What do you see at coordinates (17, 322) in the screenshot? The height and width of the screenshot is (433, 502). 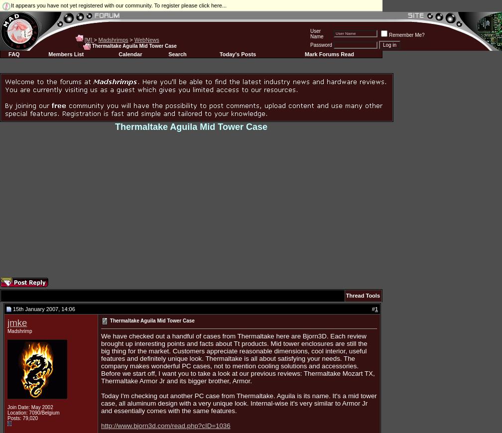 I see `'jmke'` at bounding box center [17, 322].